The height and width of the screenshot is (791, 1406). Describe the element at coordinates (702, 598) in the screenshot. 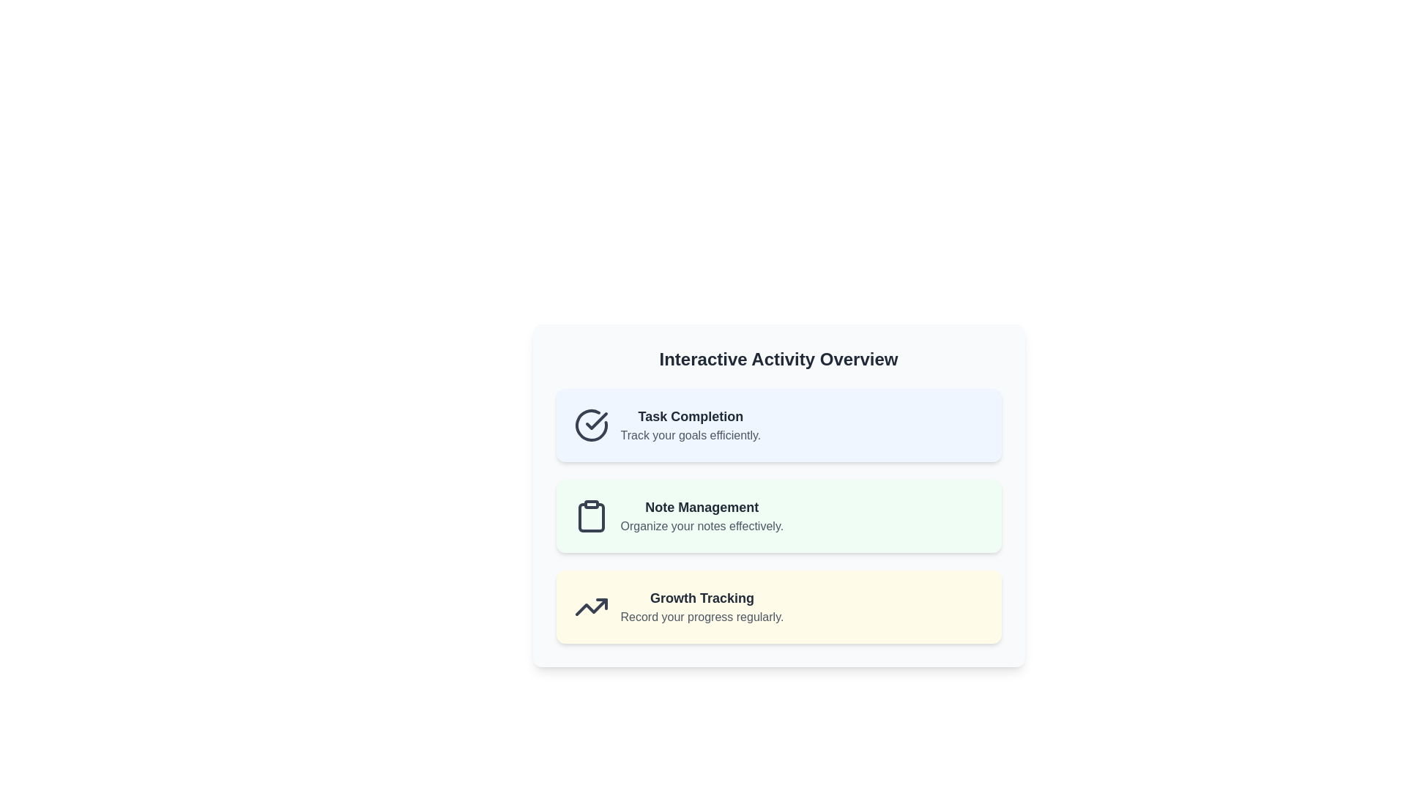

I see `the 'Growth Tracking' text label, which is a bold, large dark gray text in a yellow-tinted section of the interface` at that location.